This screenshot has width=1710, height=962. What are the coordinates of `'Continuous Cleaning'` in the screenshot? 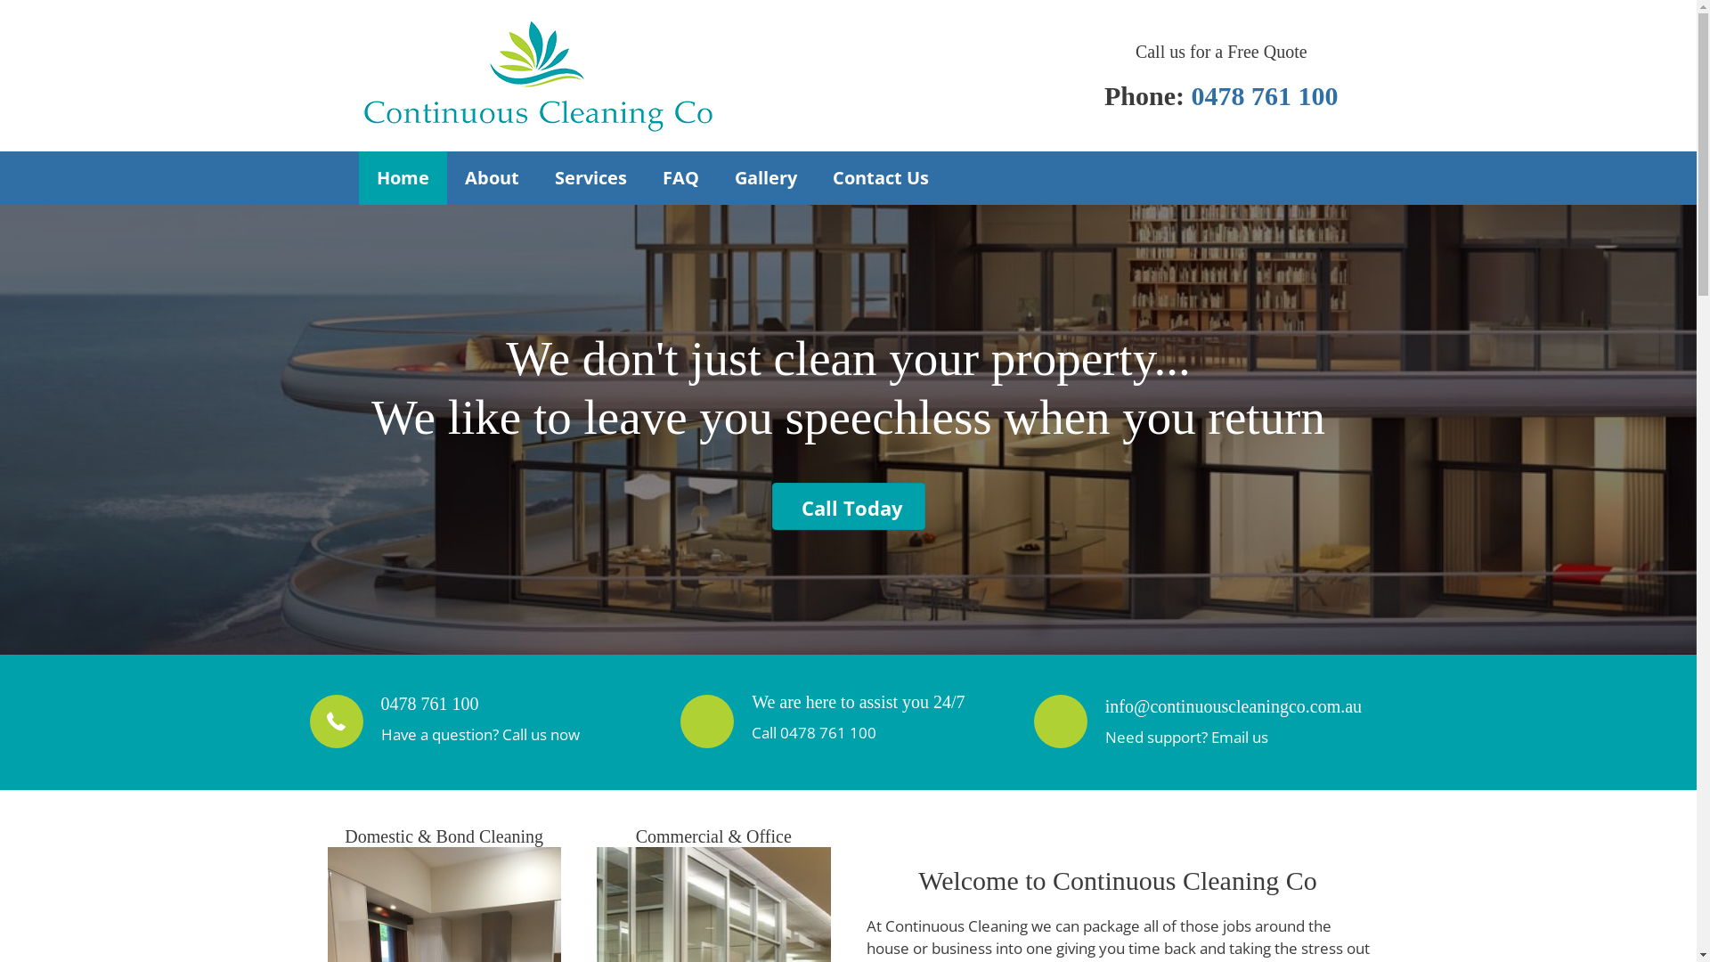 It's located at (534, 74).